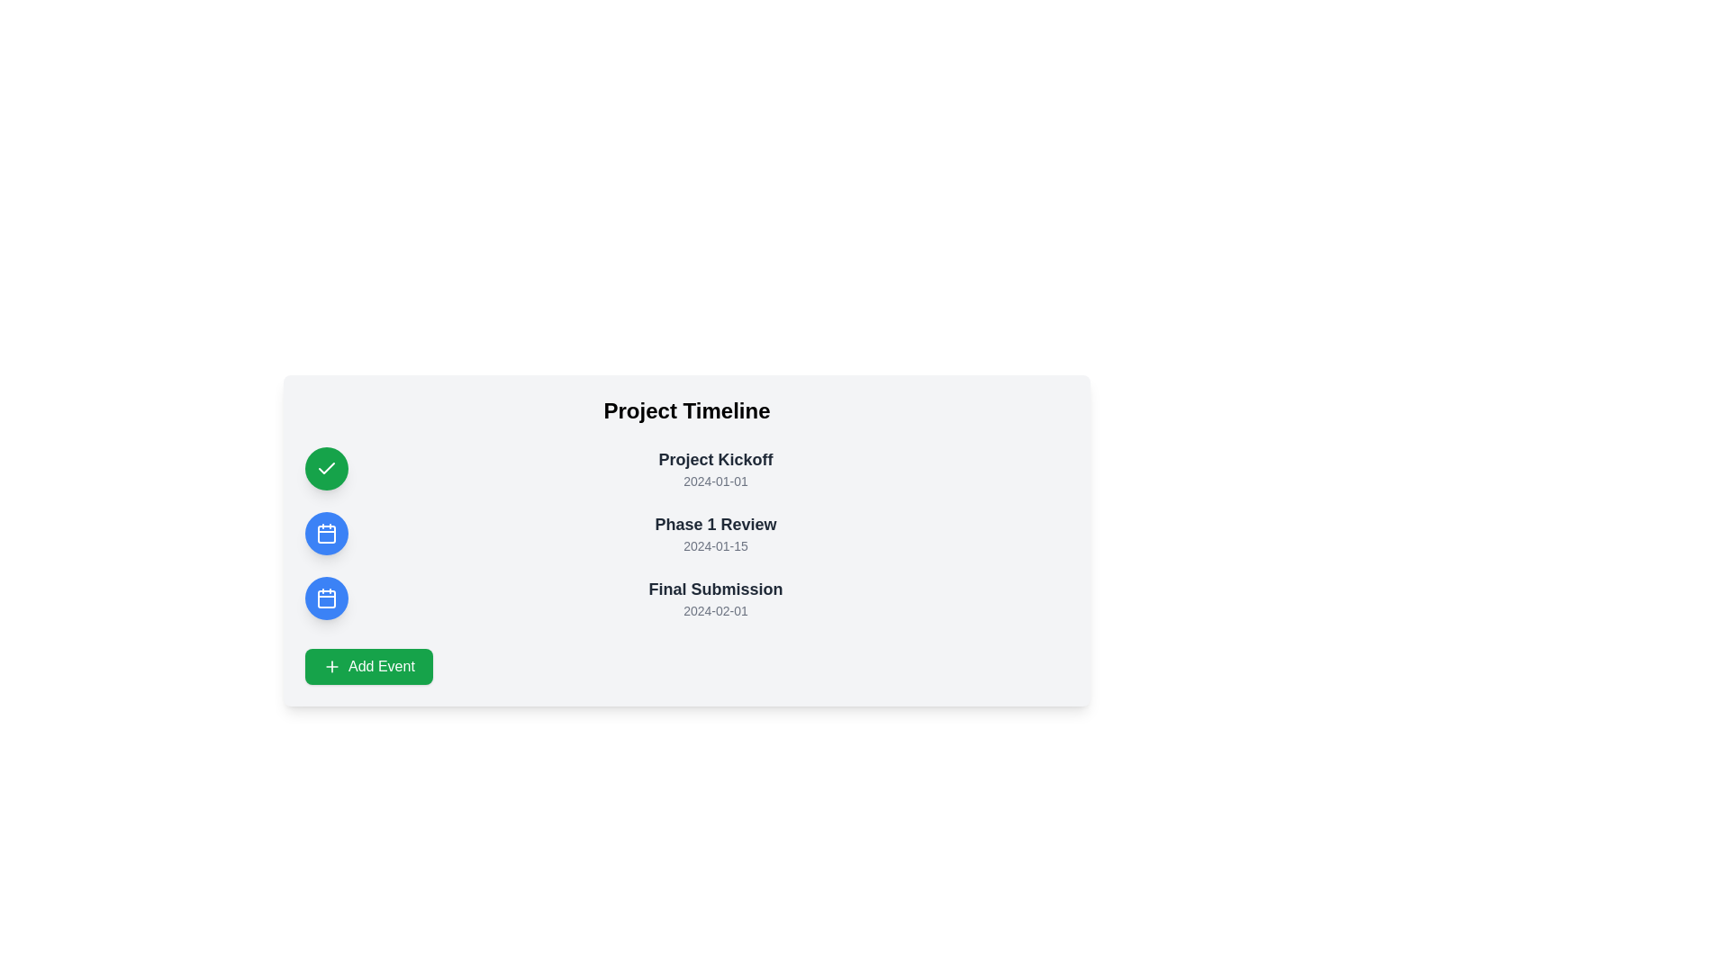  Describe the element at coordinates (327, 598) in the screenshot. I see `the third calendar icon in the vertical sequence of icons on the left side of the content panel` at that location.